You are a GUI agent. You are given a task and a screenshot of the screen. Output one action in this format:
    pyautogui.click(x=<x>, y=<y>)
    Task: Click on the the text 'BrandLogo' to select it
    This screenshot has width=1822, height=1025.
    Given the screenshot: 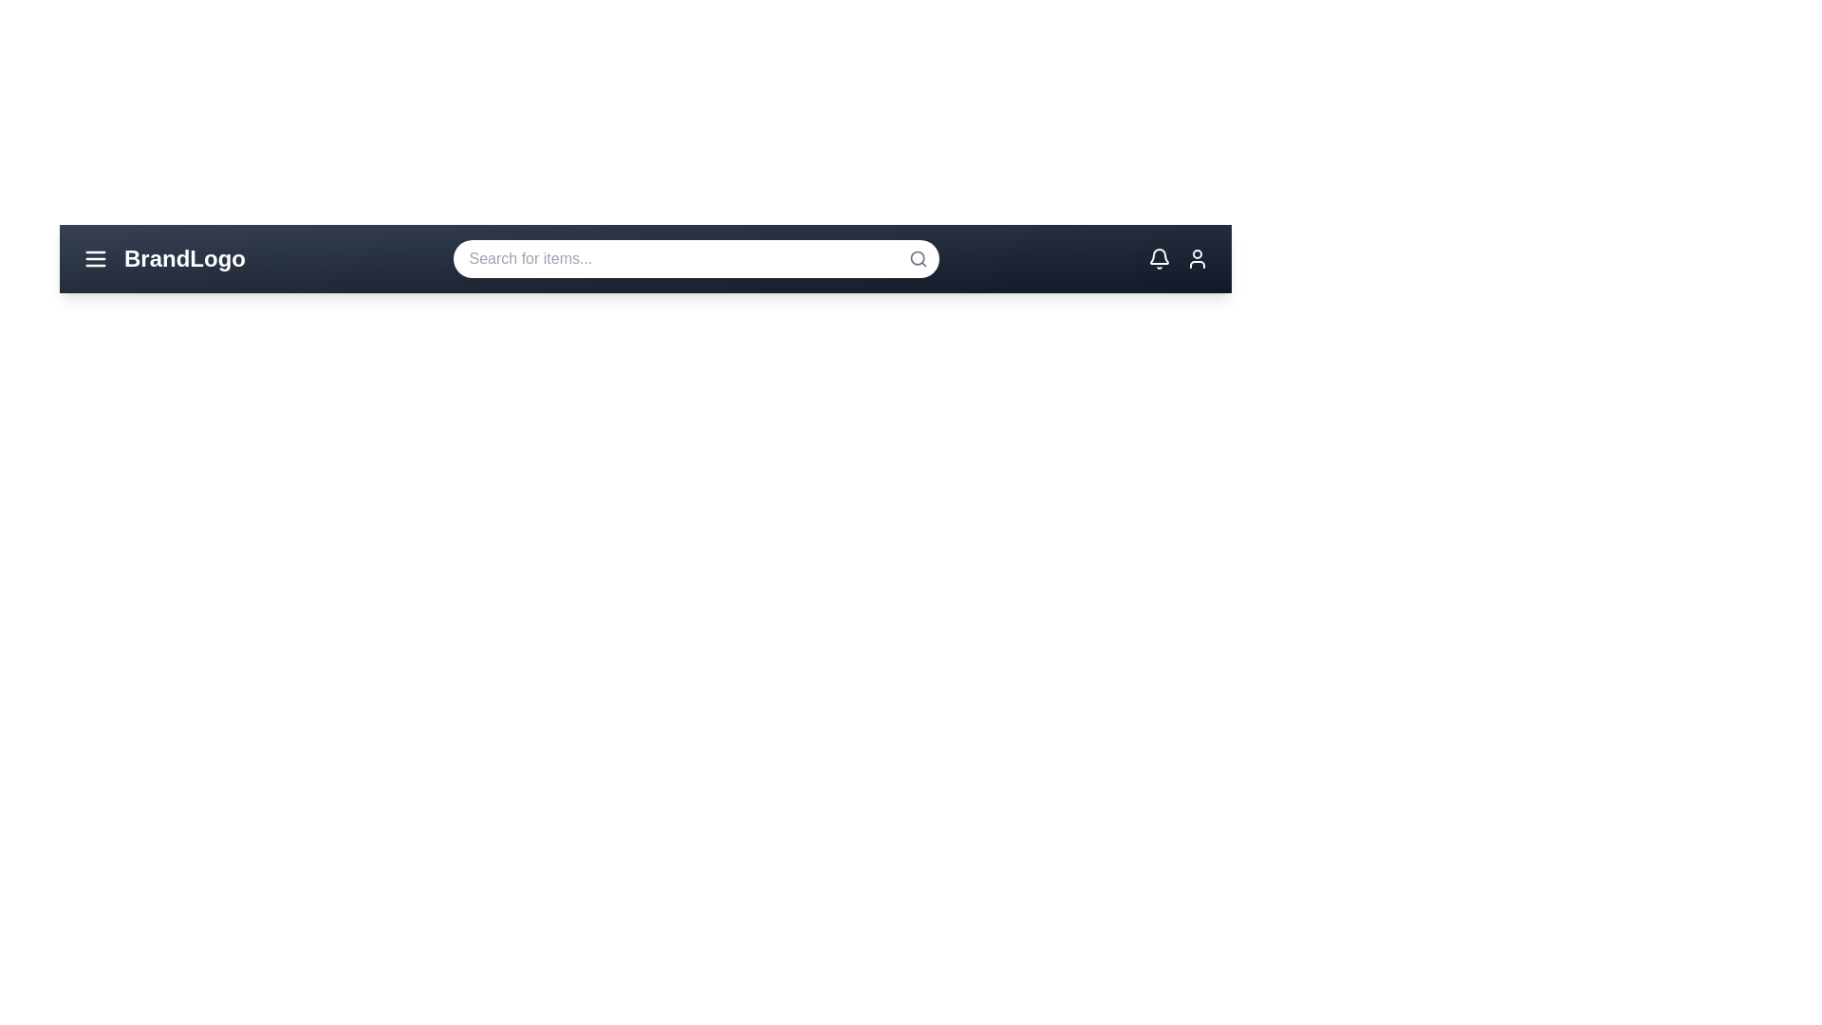 What is the action you would take?
    pyautogui.click(x=185, y=259)
    